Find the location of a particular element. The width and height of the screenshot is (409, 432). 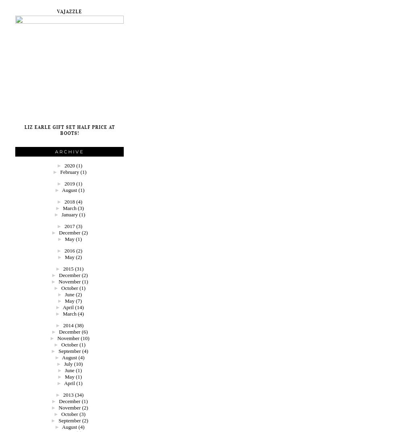

'(38)' is located at coordinates (74, 325).